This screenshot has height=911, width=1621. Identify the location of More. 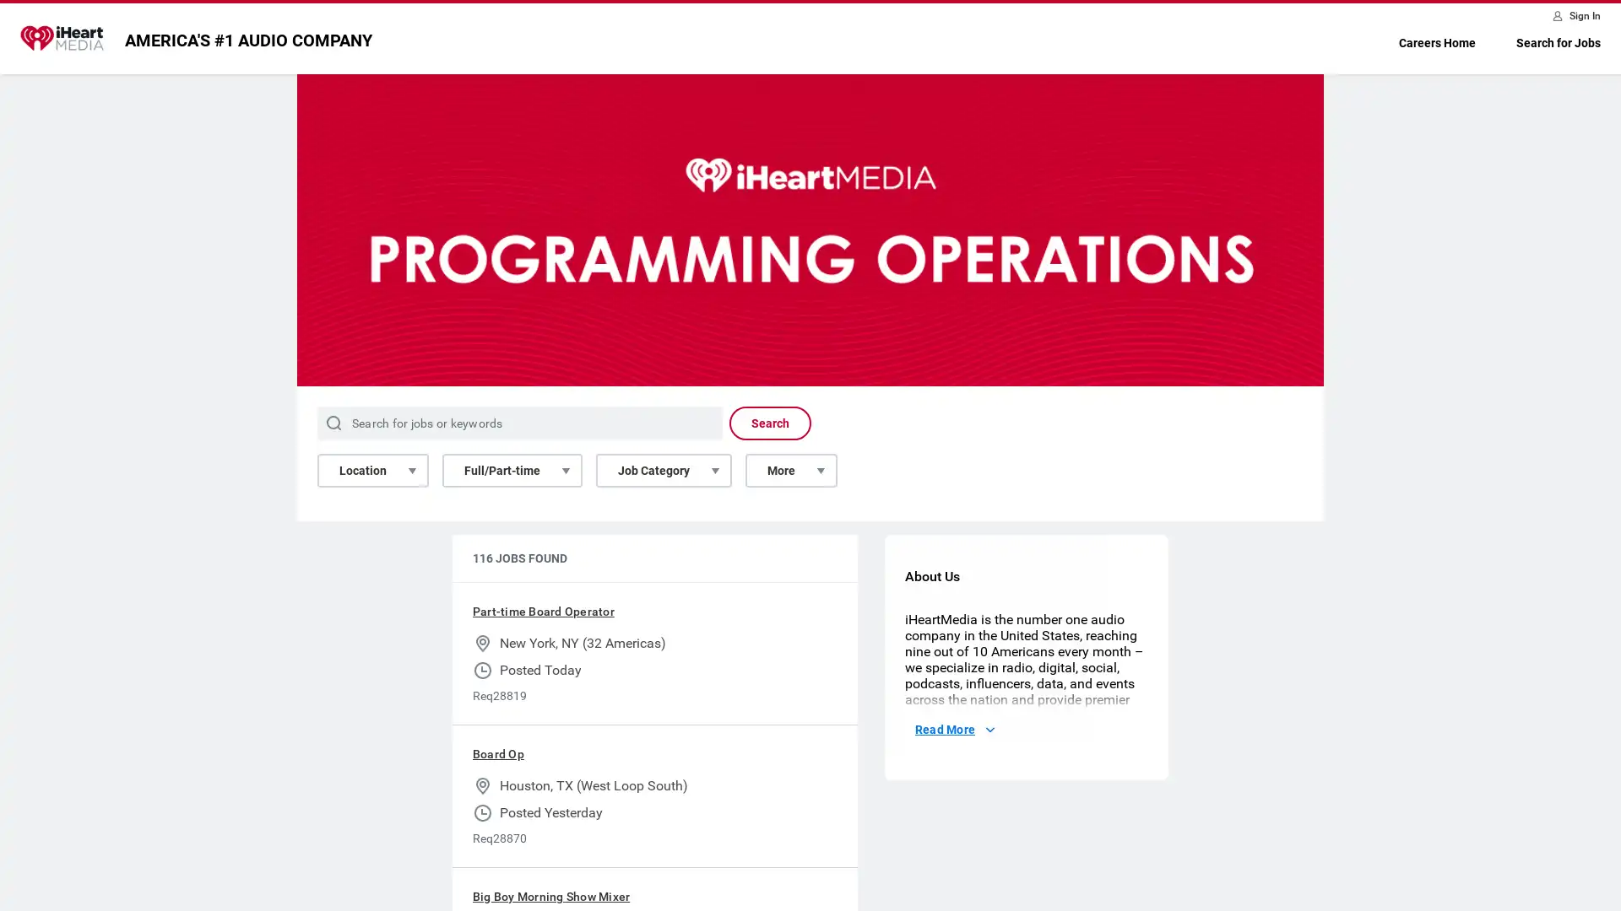
(790, 471).